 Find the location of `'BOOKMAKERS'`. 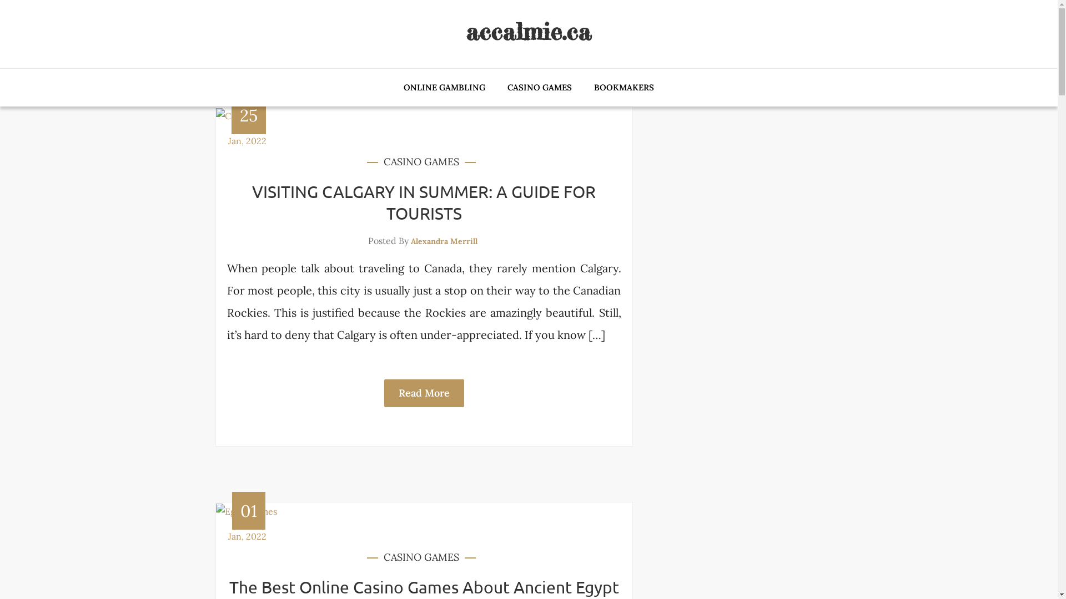

'BOOKMAKERS' is located at coordinates (583, 87).